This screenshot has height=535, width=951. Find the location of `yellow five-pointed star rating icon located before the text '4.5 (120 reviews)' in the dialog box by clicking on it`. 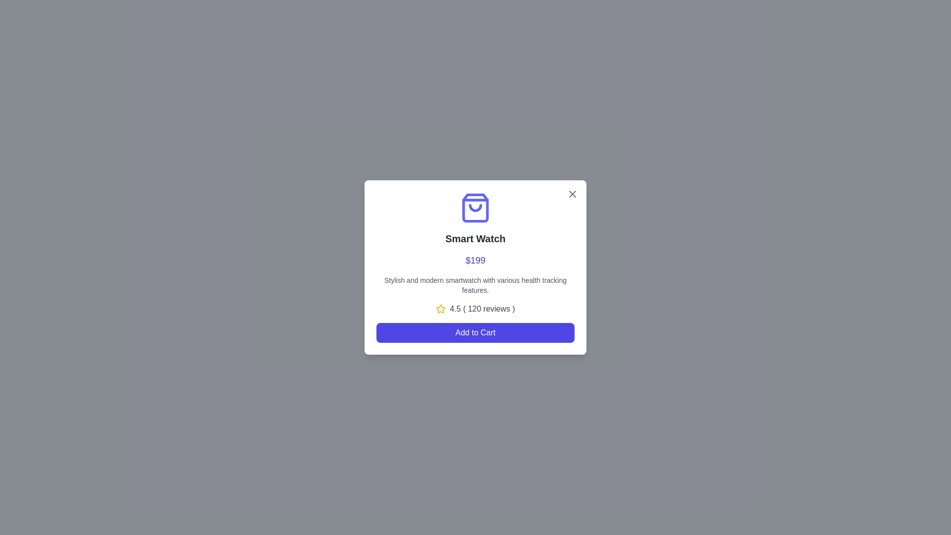

yellow five-pointed star rating icon located before the text '4.5 (120 reviews)' in the dialog box by clicking on it is located at coordinates (440, 308).